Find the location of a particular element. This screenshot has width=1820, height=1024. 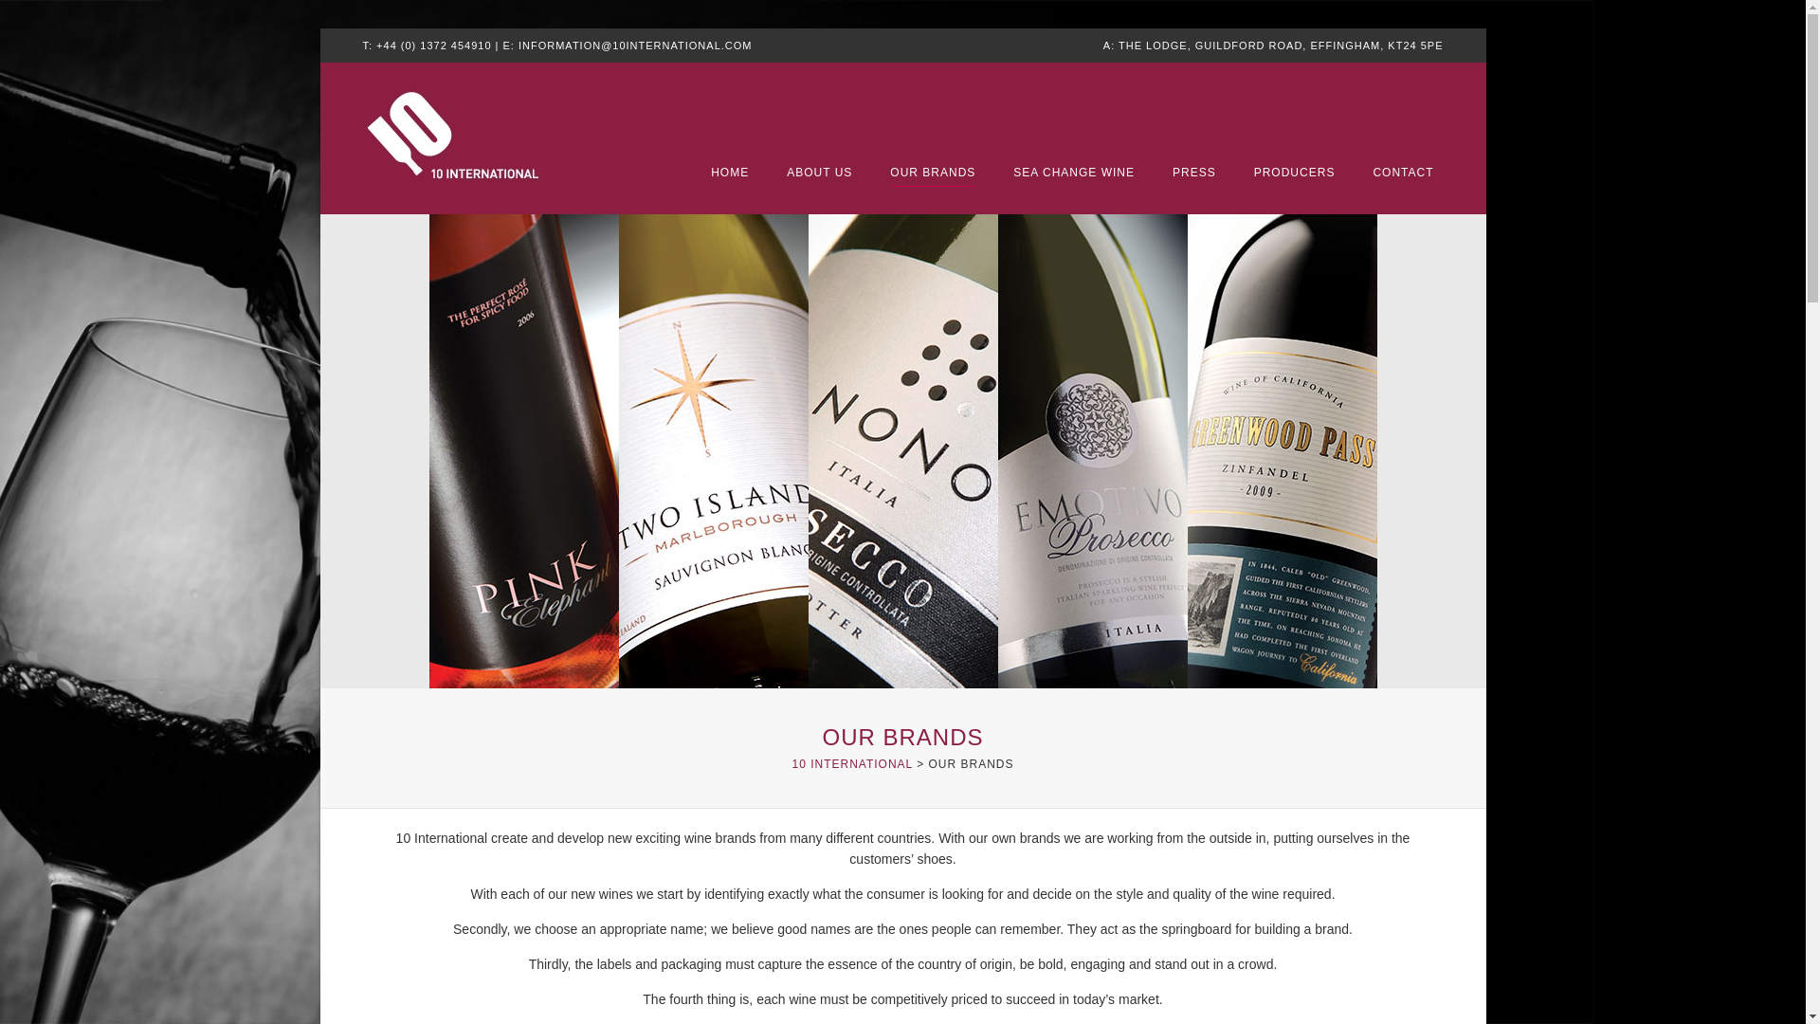

'SEA CHANGE WINE' is located at coordinates (1073, 173).